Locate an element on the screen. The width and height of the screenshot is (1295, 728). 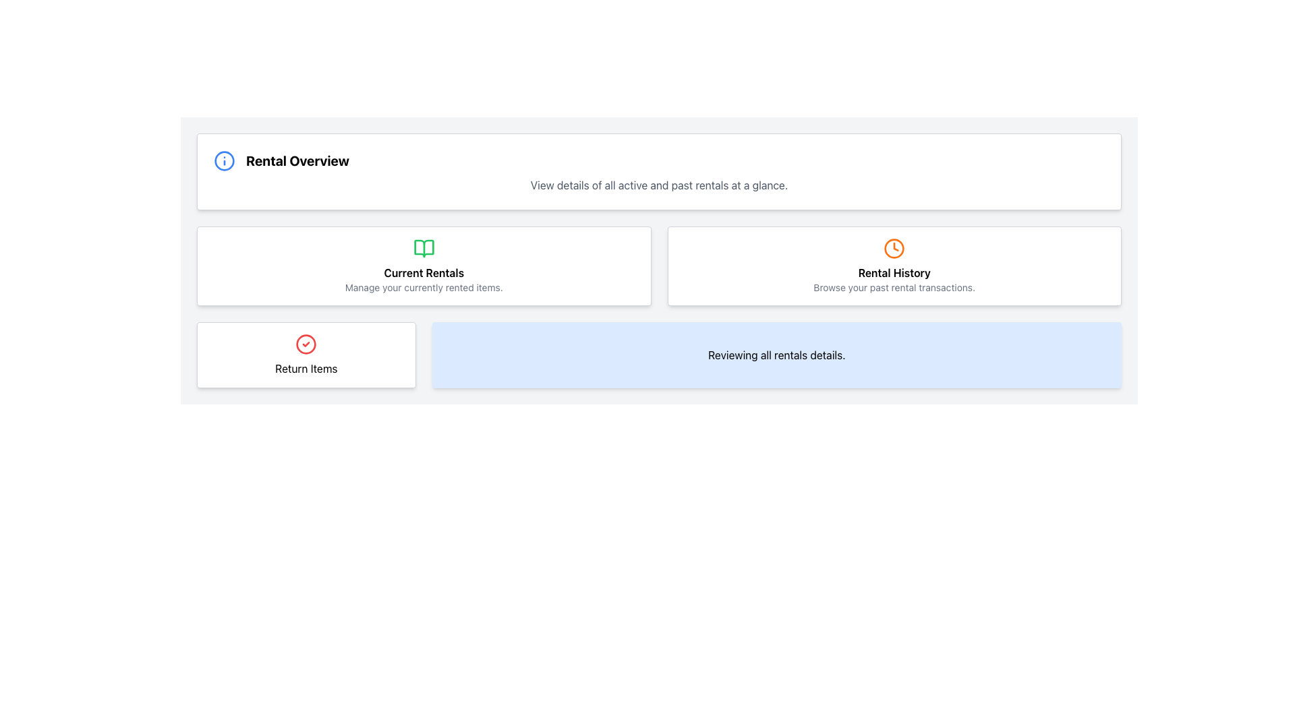
the orange triangular arrow pointer within the circular clock icon located in the upper right corner of the 'Rental History' card is located at coordinates (896, 247).